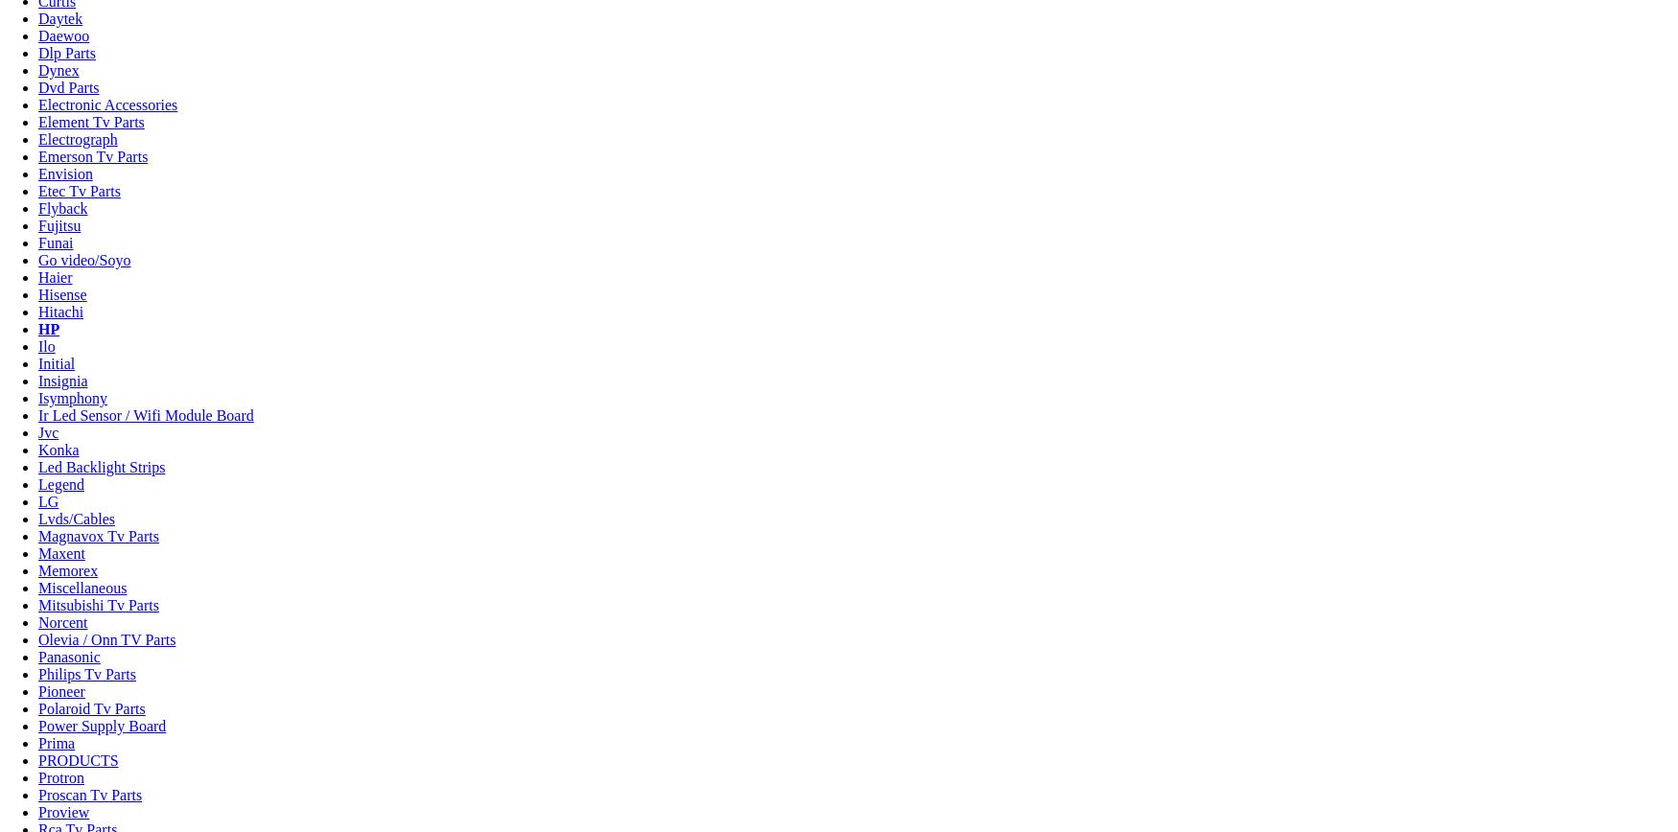  I want to click on 'Prima', so click(55, 743).